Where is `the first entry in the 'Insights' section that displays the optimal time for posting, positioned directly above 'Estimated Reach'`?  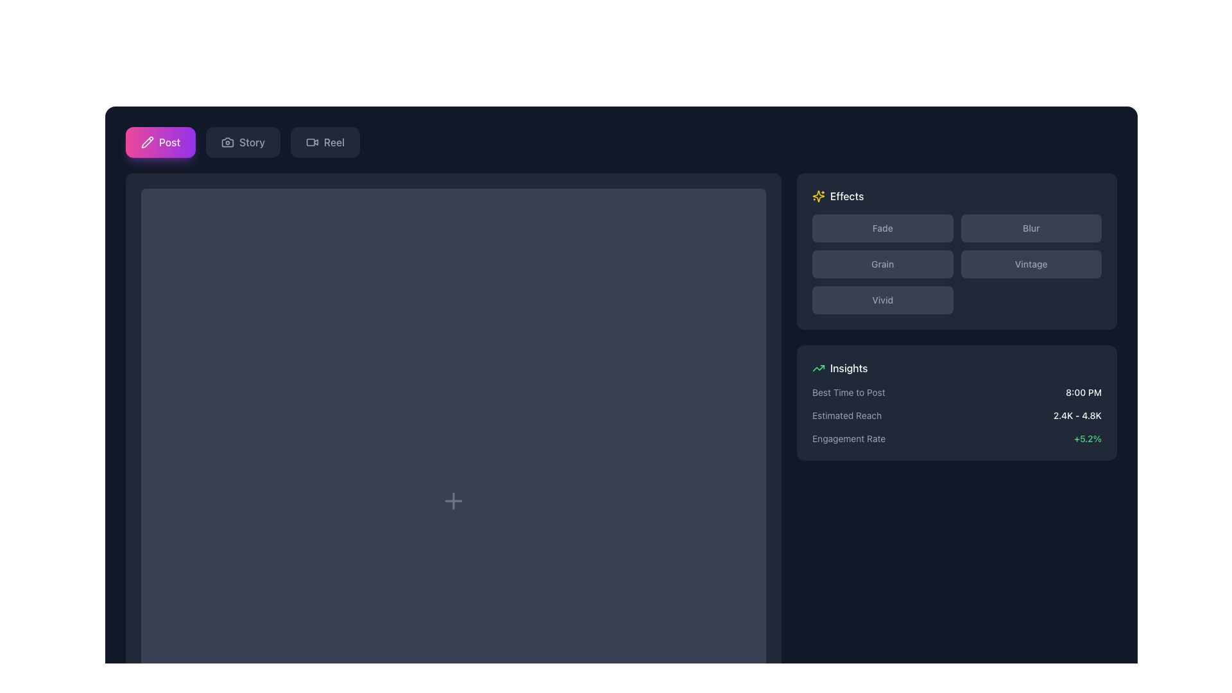 the first entry in the 'Insights' section that displays the optimal time for posting, positioned directly above 'Estimated Reach' is located at coordinates (957, 392).